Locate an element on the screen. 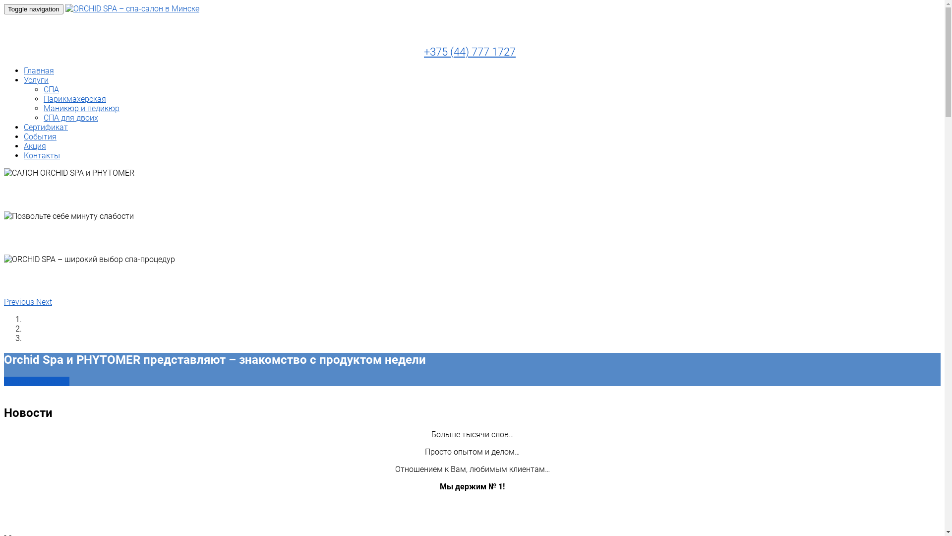 The width and height of the screenshot is (952, 536). 'Previous' is located at coordinates (20, 301).